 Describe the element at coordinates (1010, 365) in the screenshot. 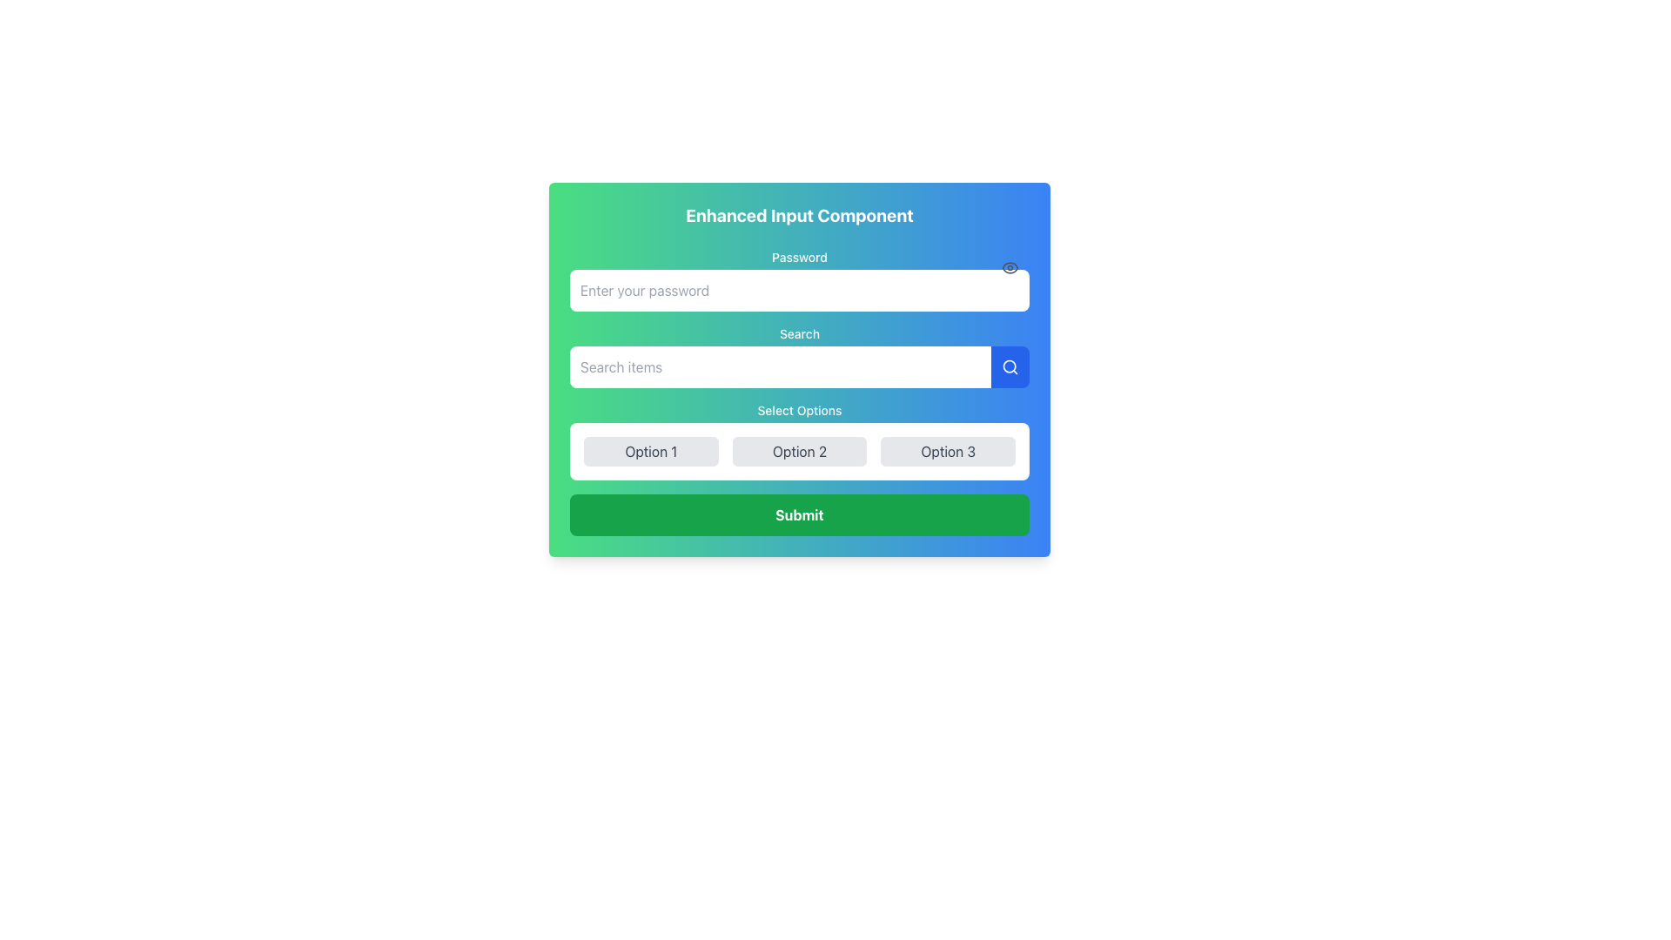

I see `the circular graphical component of the search icon located in the upper-right quadrant of the search bar` at that location.